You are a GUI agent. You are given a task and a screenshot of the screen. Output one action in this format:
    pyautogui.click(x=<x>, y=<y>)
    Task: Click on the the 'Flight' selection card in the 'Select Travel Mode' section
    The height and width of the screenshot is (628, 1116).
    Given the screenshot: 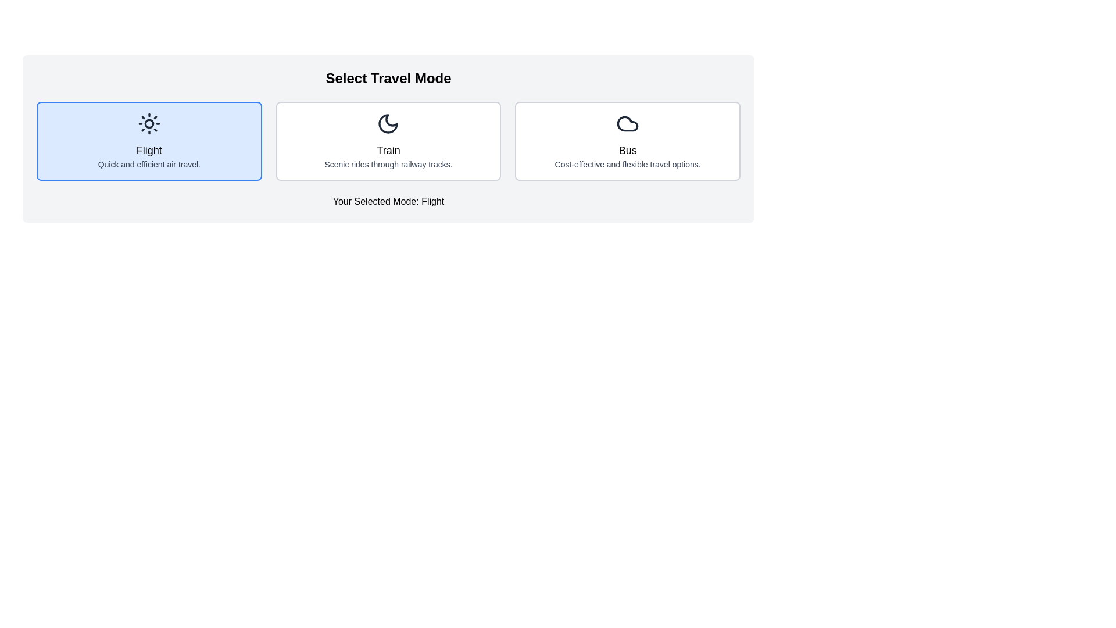 What is the action you would take?
    pyautogui.click(x=148, y=141)
    